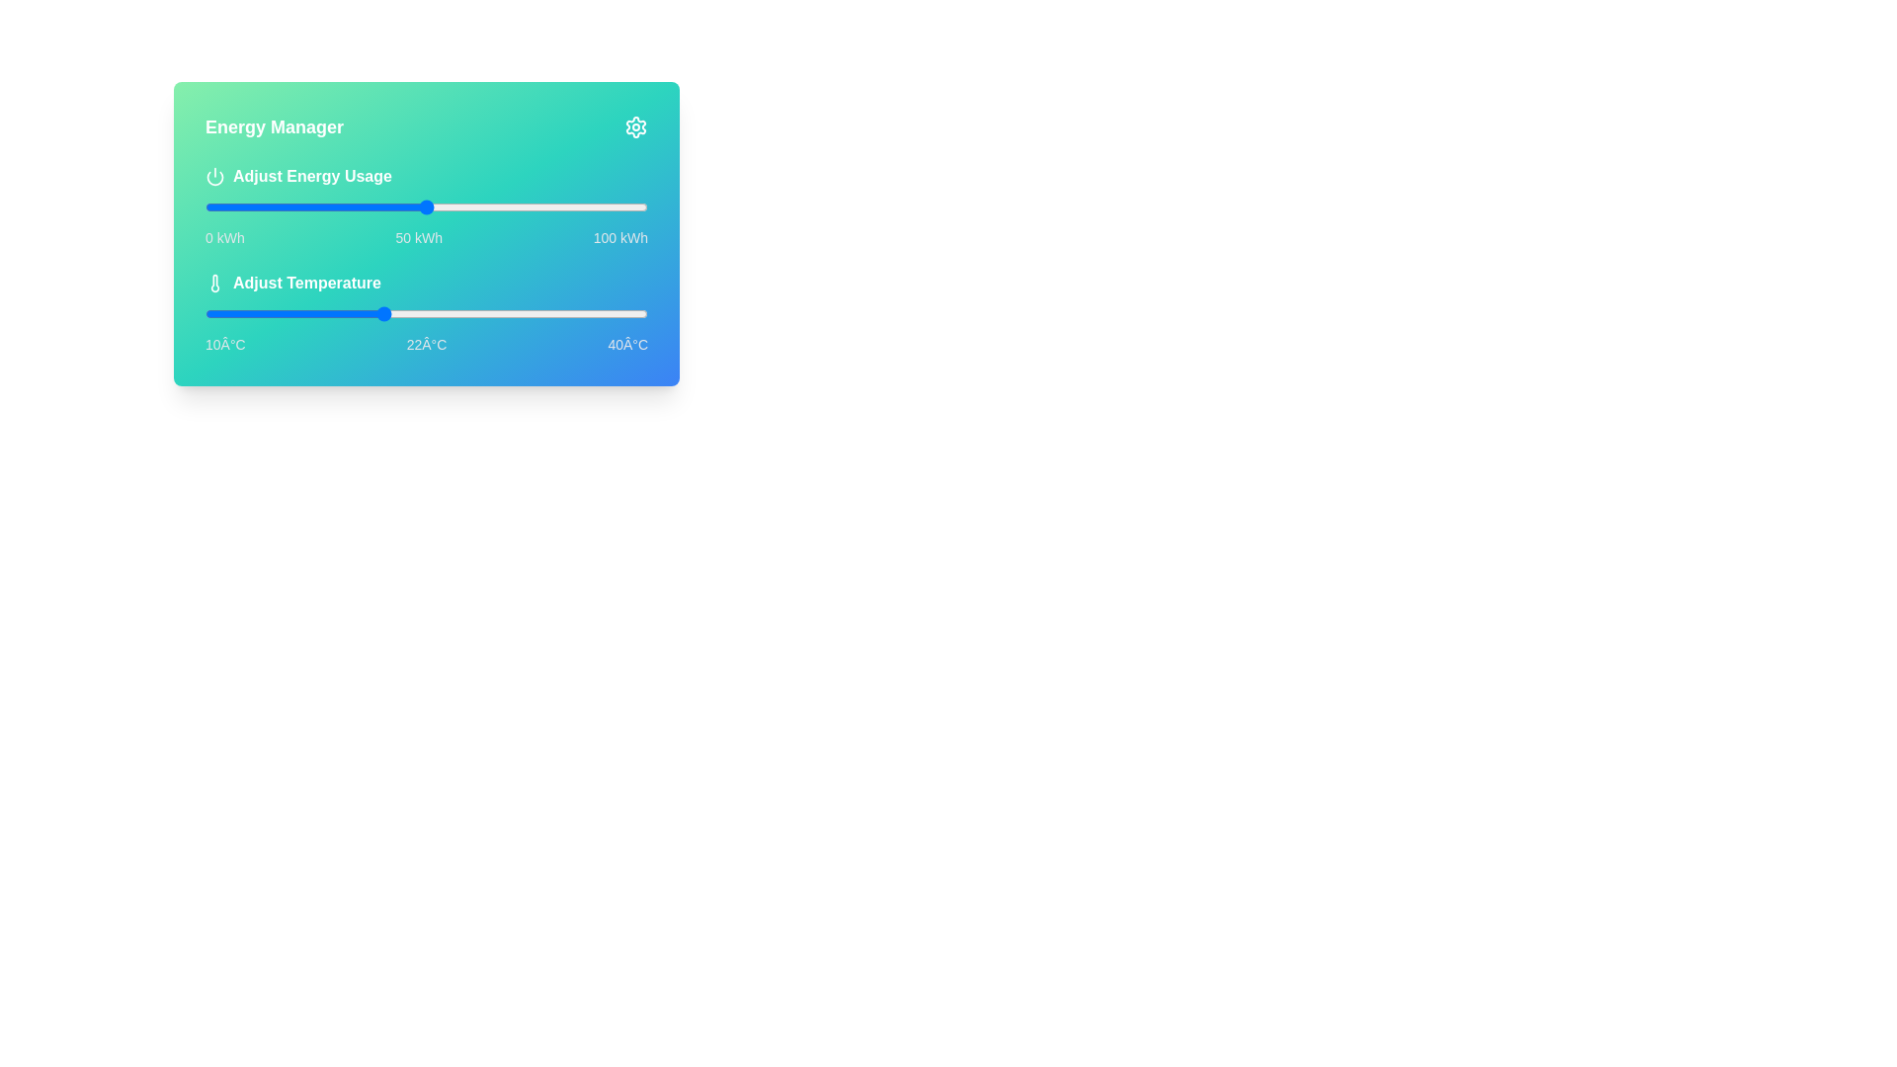 Image resolution: width=1897 pixels, height=1067 pixels. What do you see at coordinates (607, 206) in the screenshot?
I see `the energy usage slider to 91 kWh` at bounding box center [607, 206].